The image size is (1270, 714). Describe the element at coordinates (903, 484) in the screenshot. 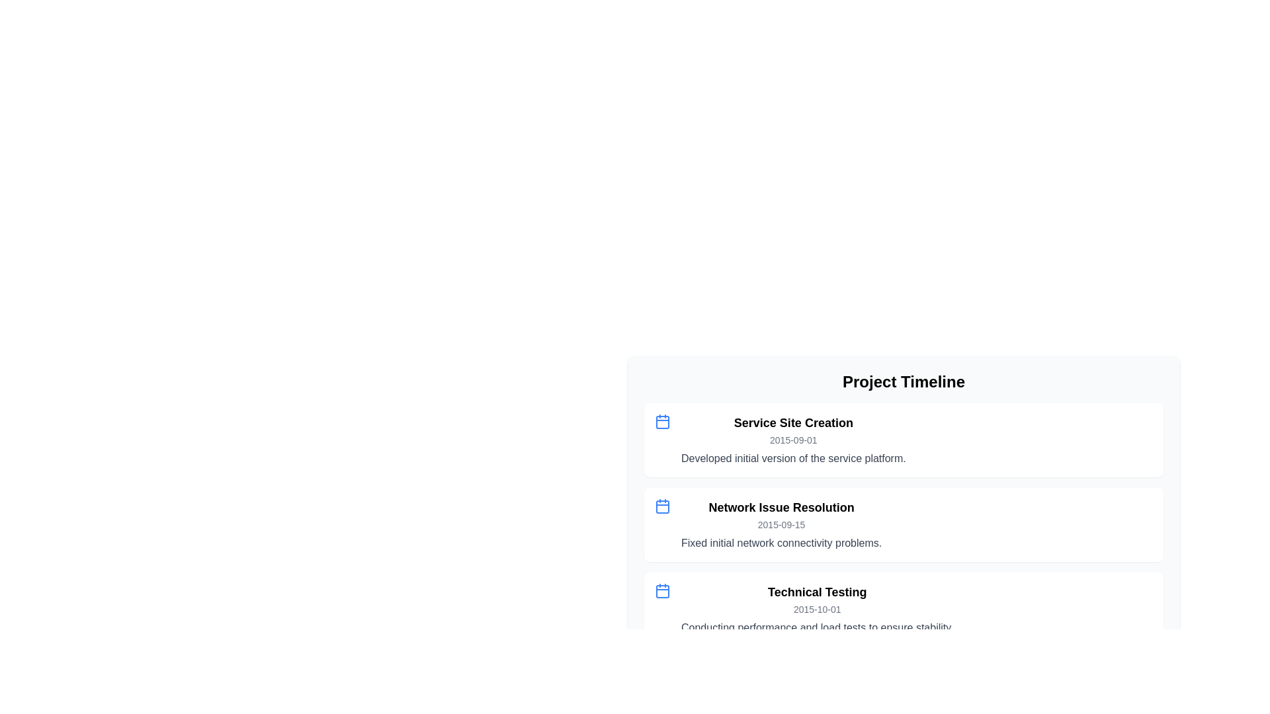

I see `the informational card representing a milestone or event in the project timeline` at that location.